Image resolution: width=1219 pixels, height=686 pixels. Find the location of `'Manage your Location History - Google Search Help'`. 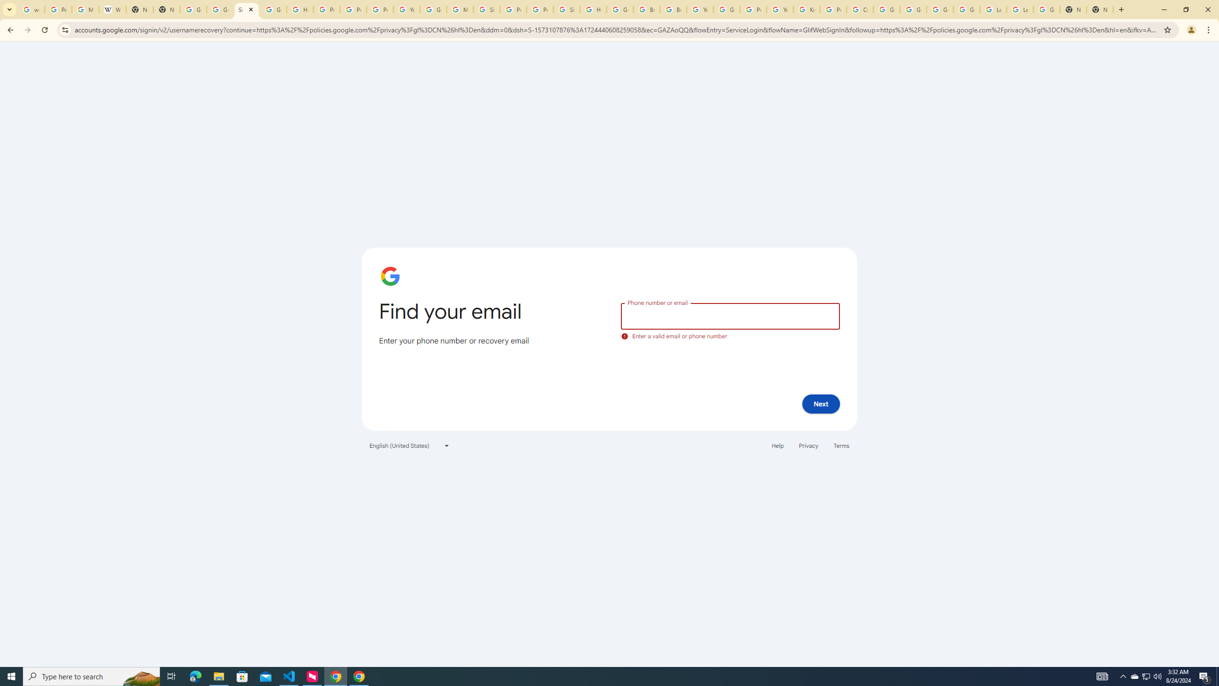

'Manage your Location History - Google Search Help' is located at coordinates (85, 9).